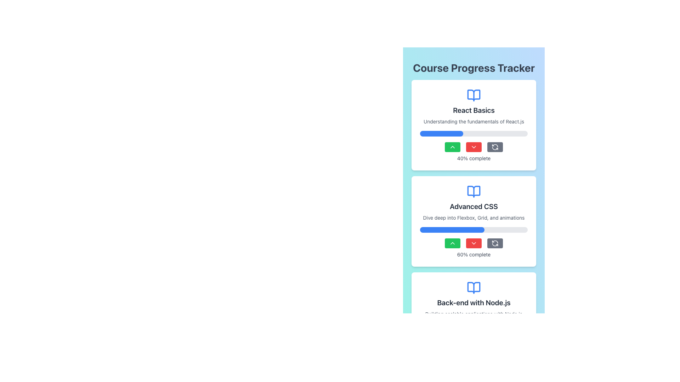 Image resolution: width=680 pixels, height=382 pixels. What do you see at coordinates (474, 313) in the screenshot?
I see `the text content element that provides additional descriptive information about the Node.js course, located below the title 'Back-end with Node.js' and above the course completion progress bar` at bounding box center [474, 313].